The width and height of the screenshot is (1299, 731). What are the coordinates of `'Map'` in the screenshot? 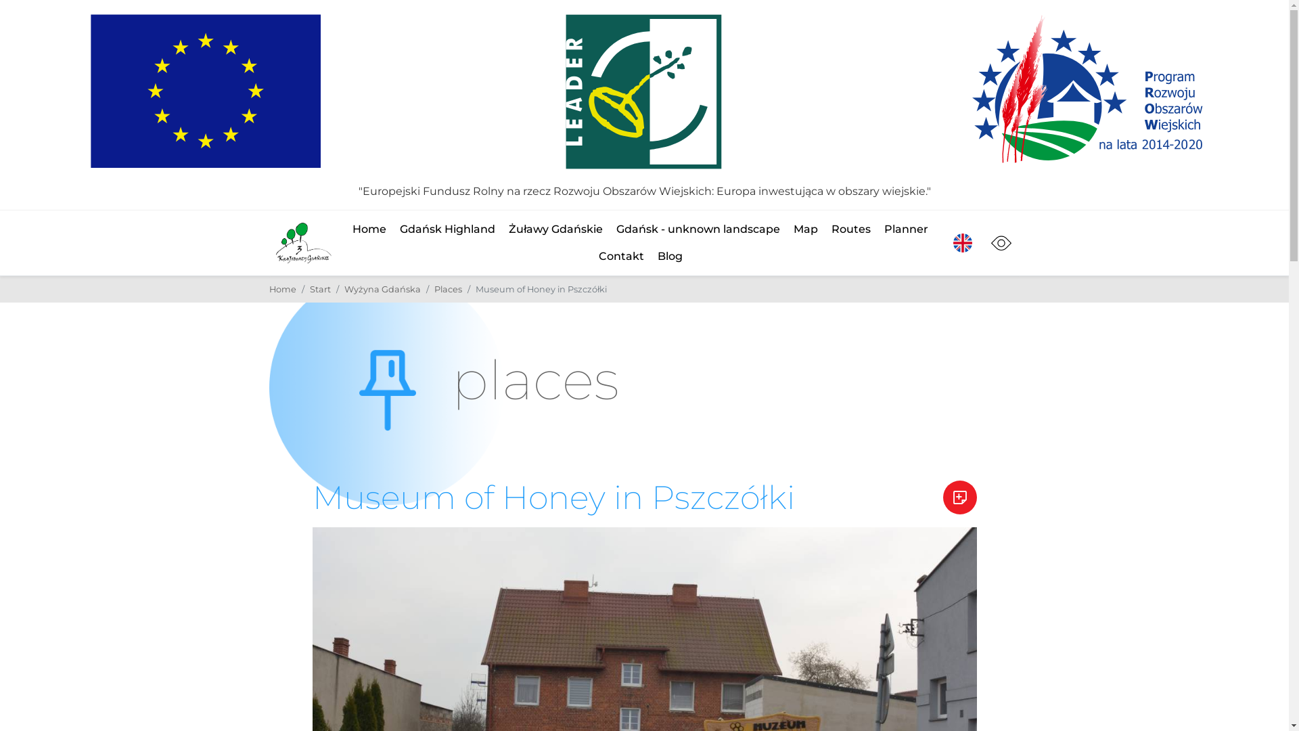 It's located at (805, 229).